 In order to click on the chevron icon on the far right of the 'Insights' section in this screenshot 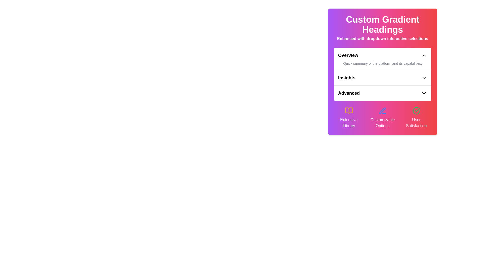, I will do `click(424, 78)`.